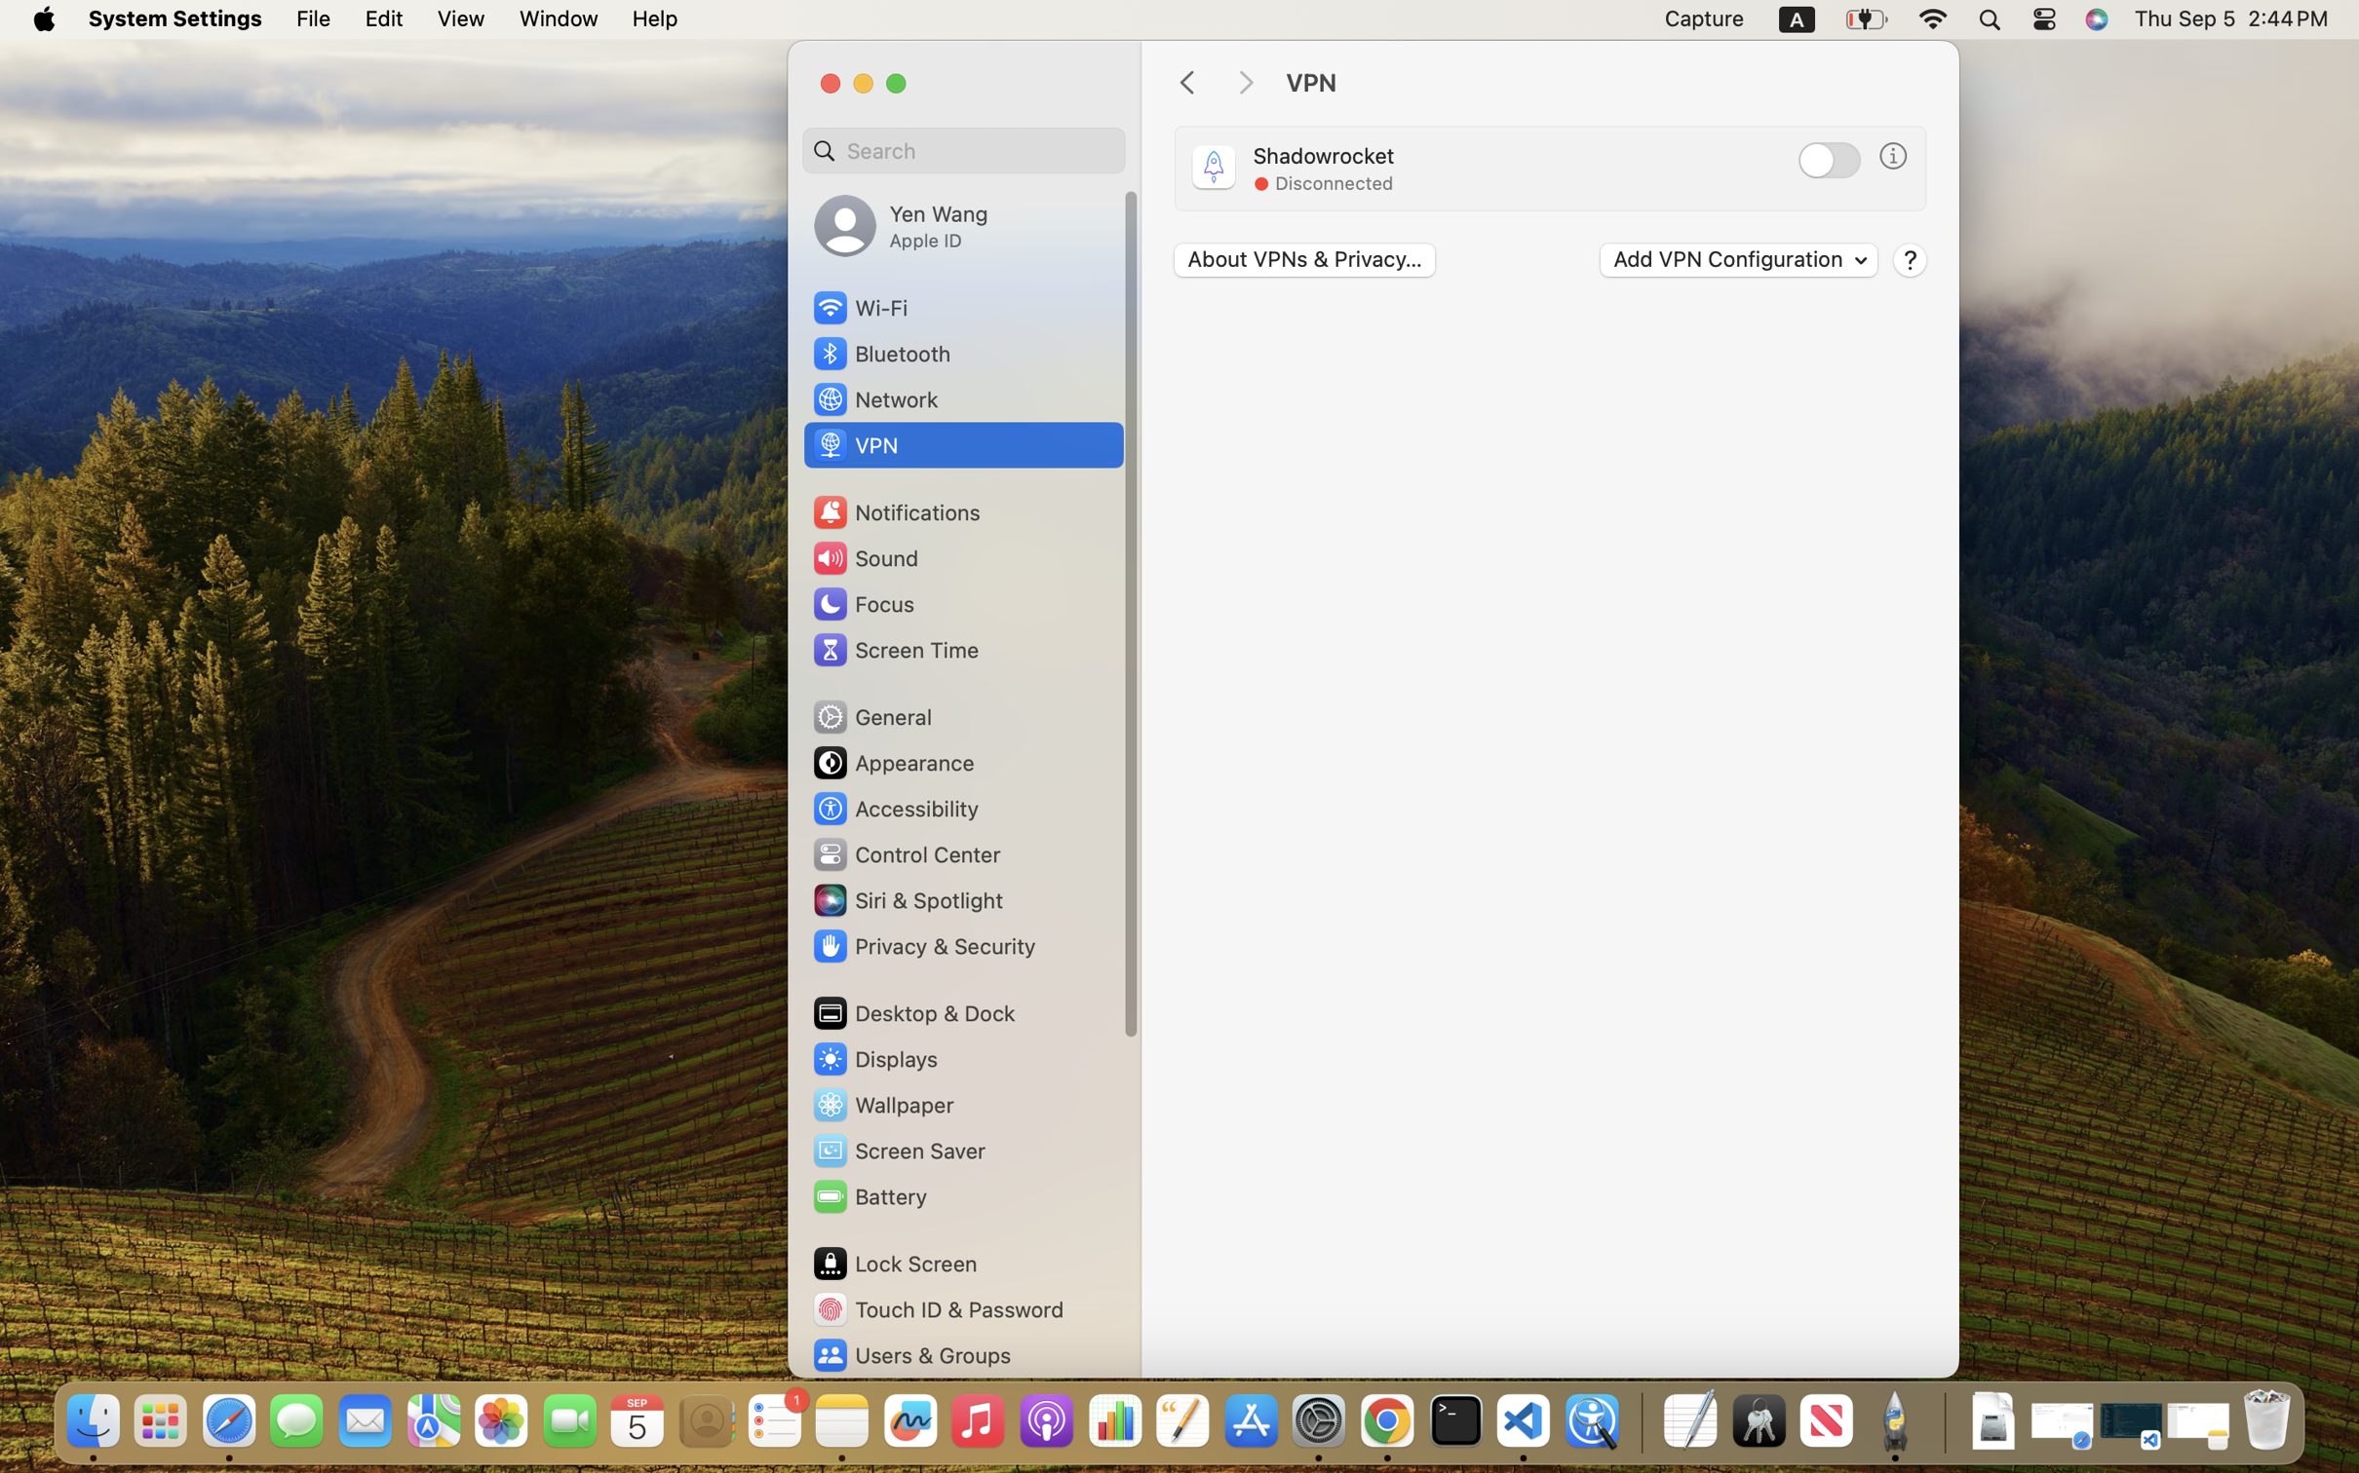 The height and width of the screenshot is (1473, 2359). I want to click on 'Wallpaper', so click(881, 1105).